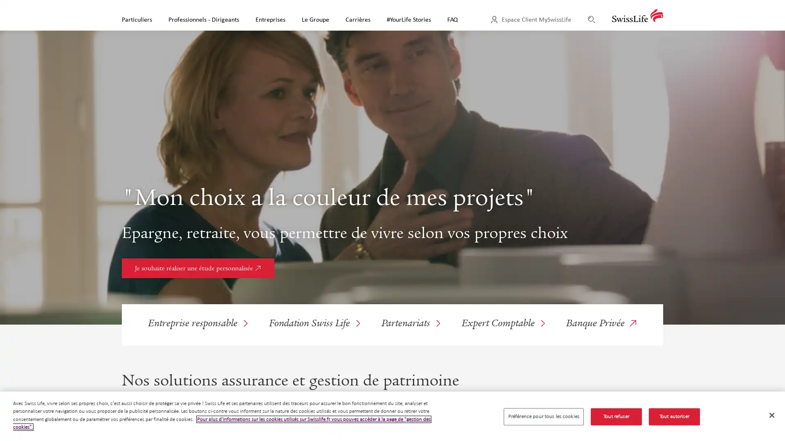 This screenshot has height=441, width=785. What do you see at coordinates (543, 416) in the screenshot?
I see `Preference pour tous les cookies` at bounding box center [543, 416].